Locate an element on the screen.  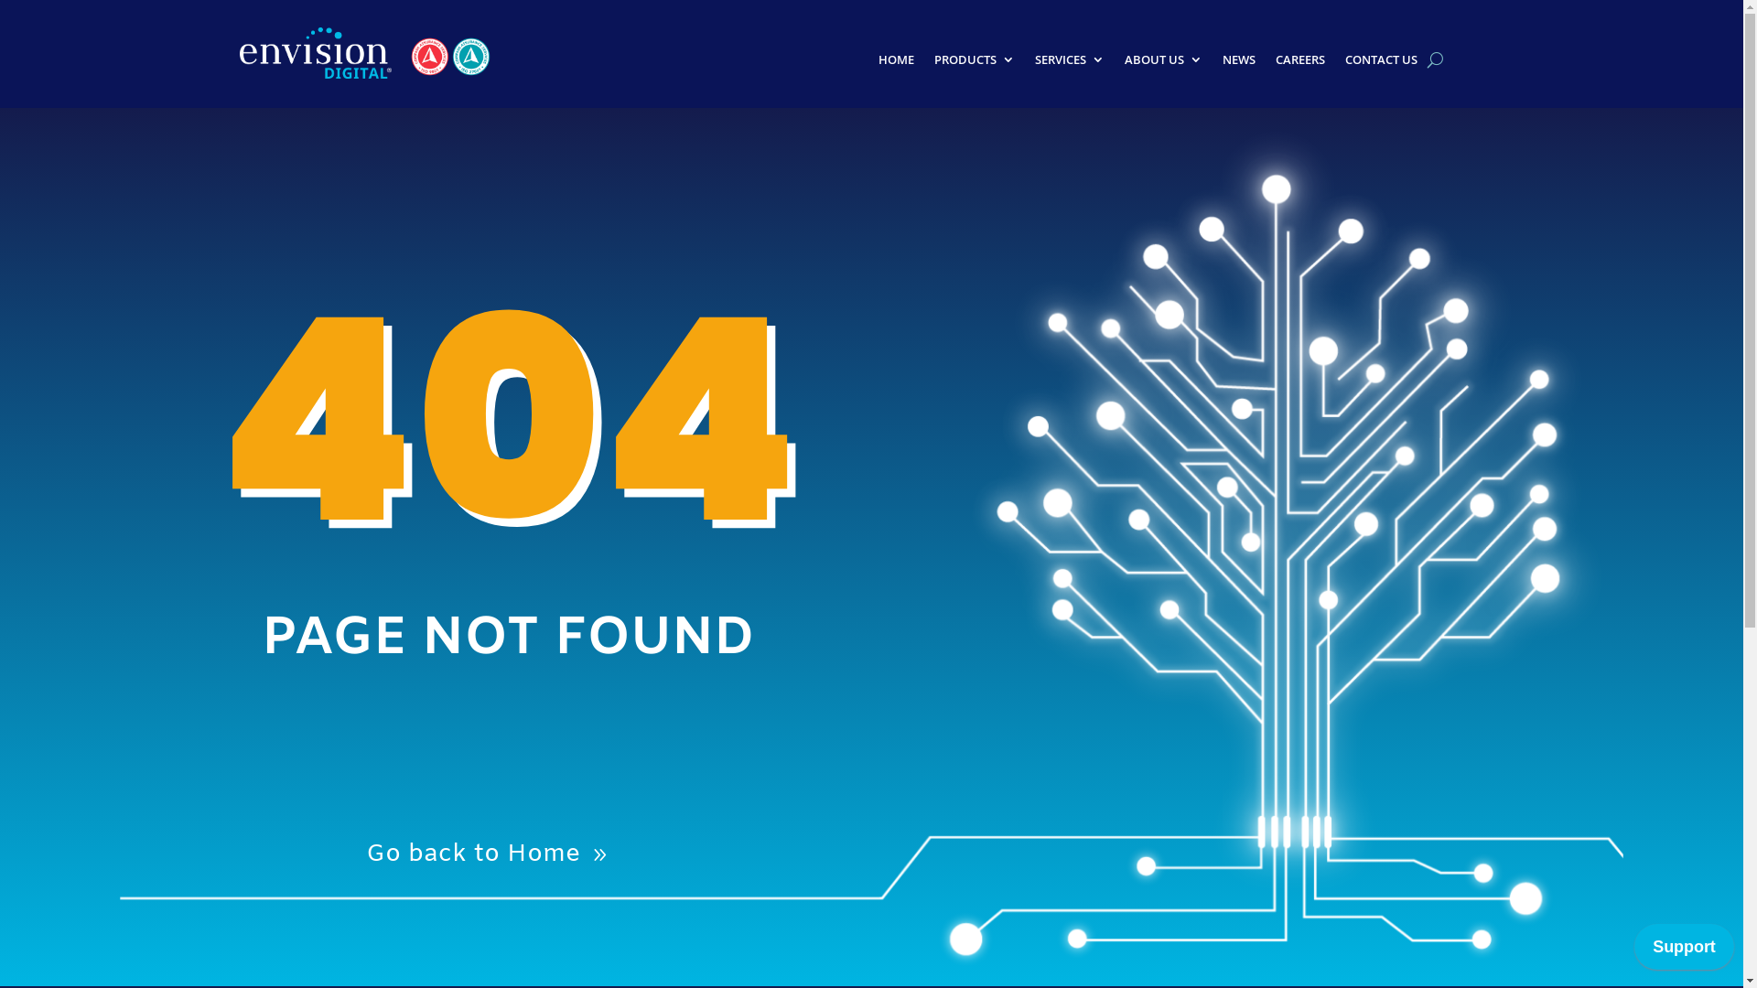
'HOME' is located at coordinates (878, 62).